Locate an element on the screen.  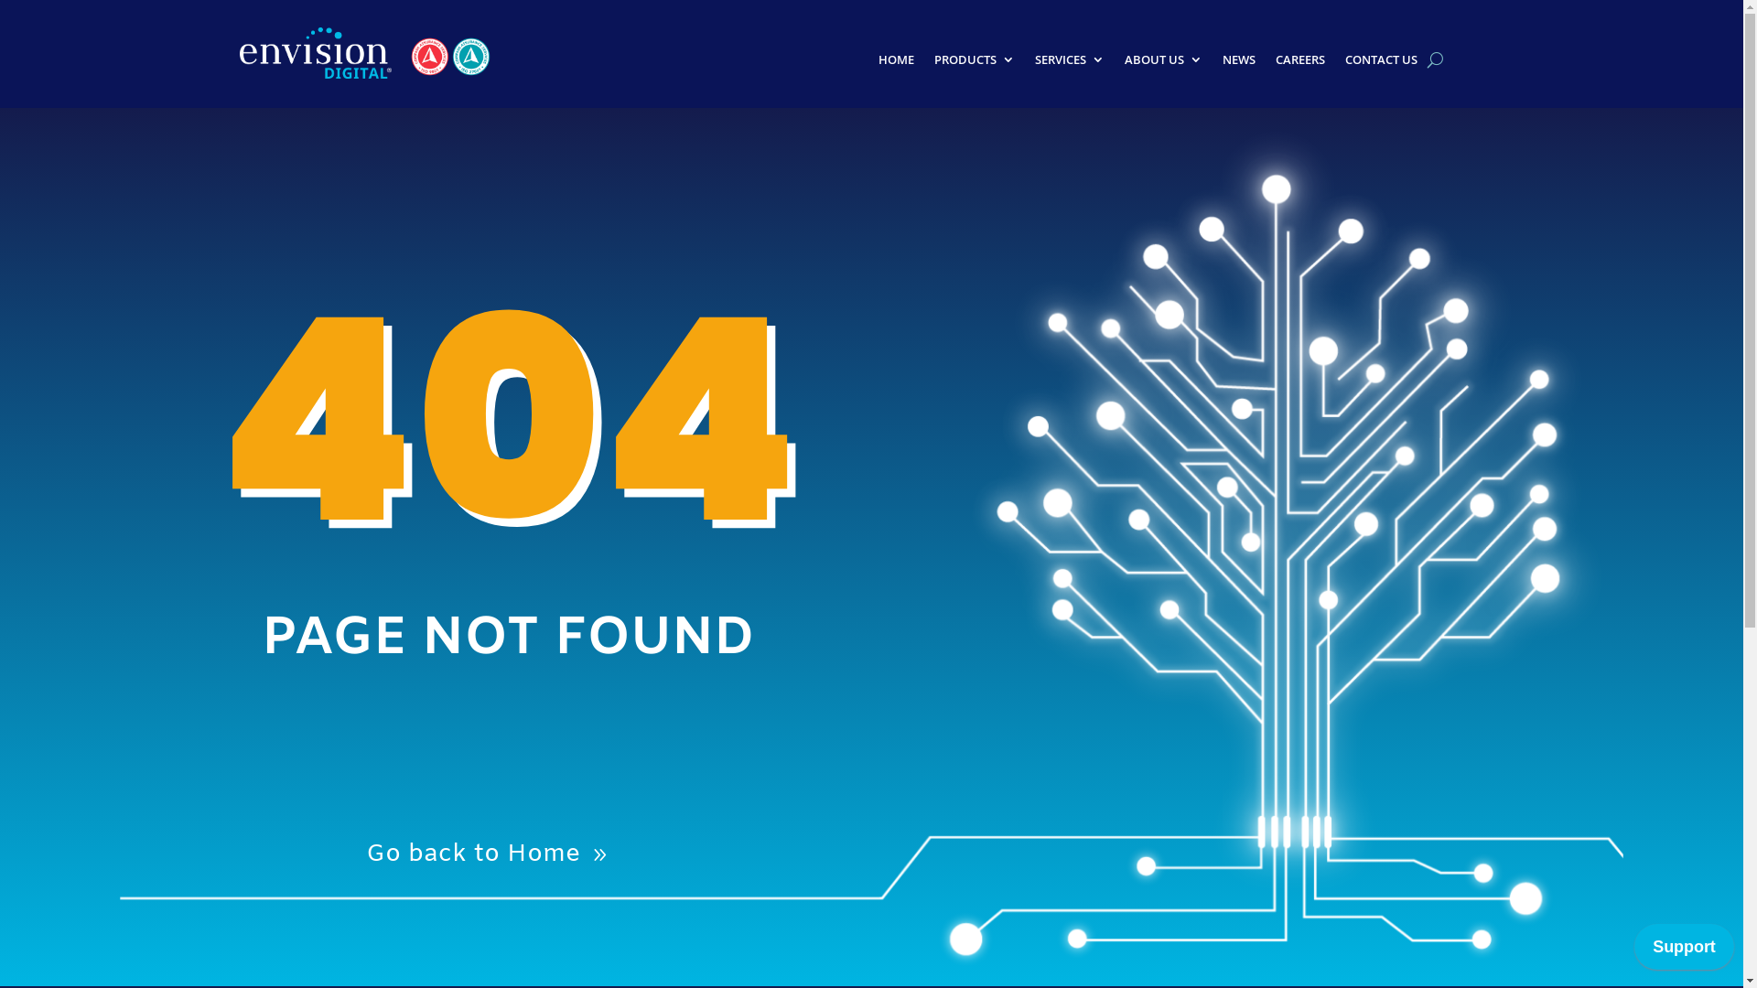
'HOME' is located at coordinates (878, 62).